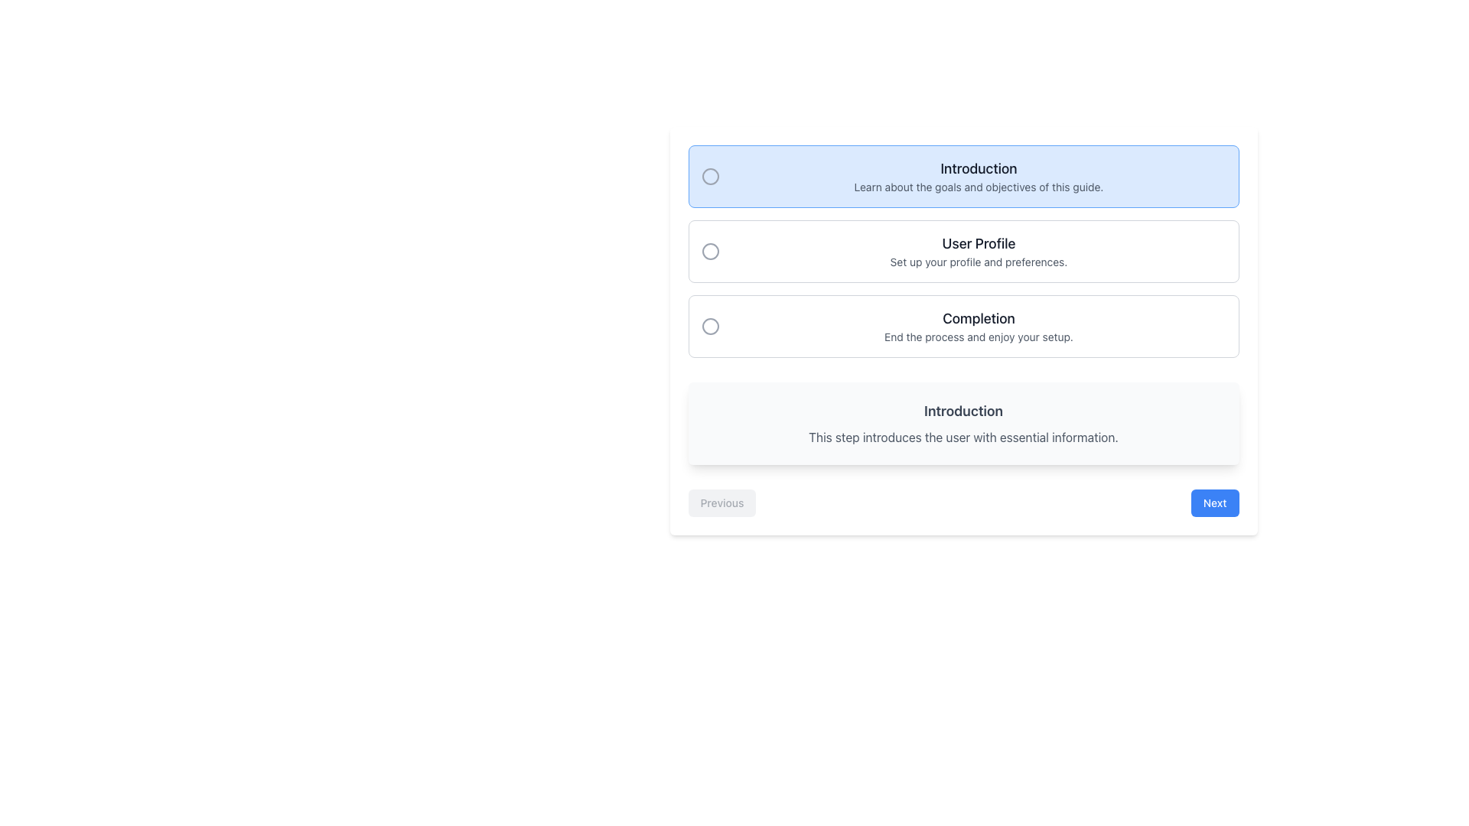 This screenshot has width=1469, height=826. What do you see at coordinates (963, 424) in the screenshot?
I see `the Informational Card titled 'Introduction' with a subtitle 'This step introduces the user with essential information.' that is styled with a light gray background and rounded corners, positioned as the fourth card in the guide layout` at bounding box center [963, 424].